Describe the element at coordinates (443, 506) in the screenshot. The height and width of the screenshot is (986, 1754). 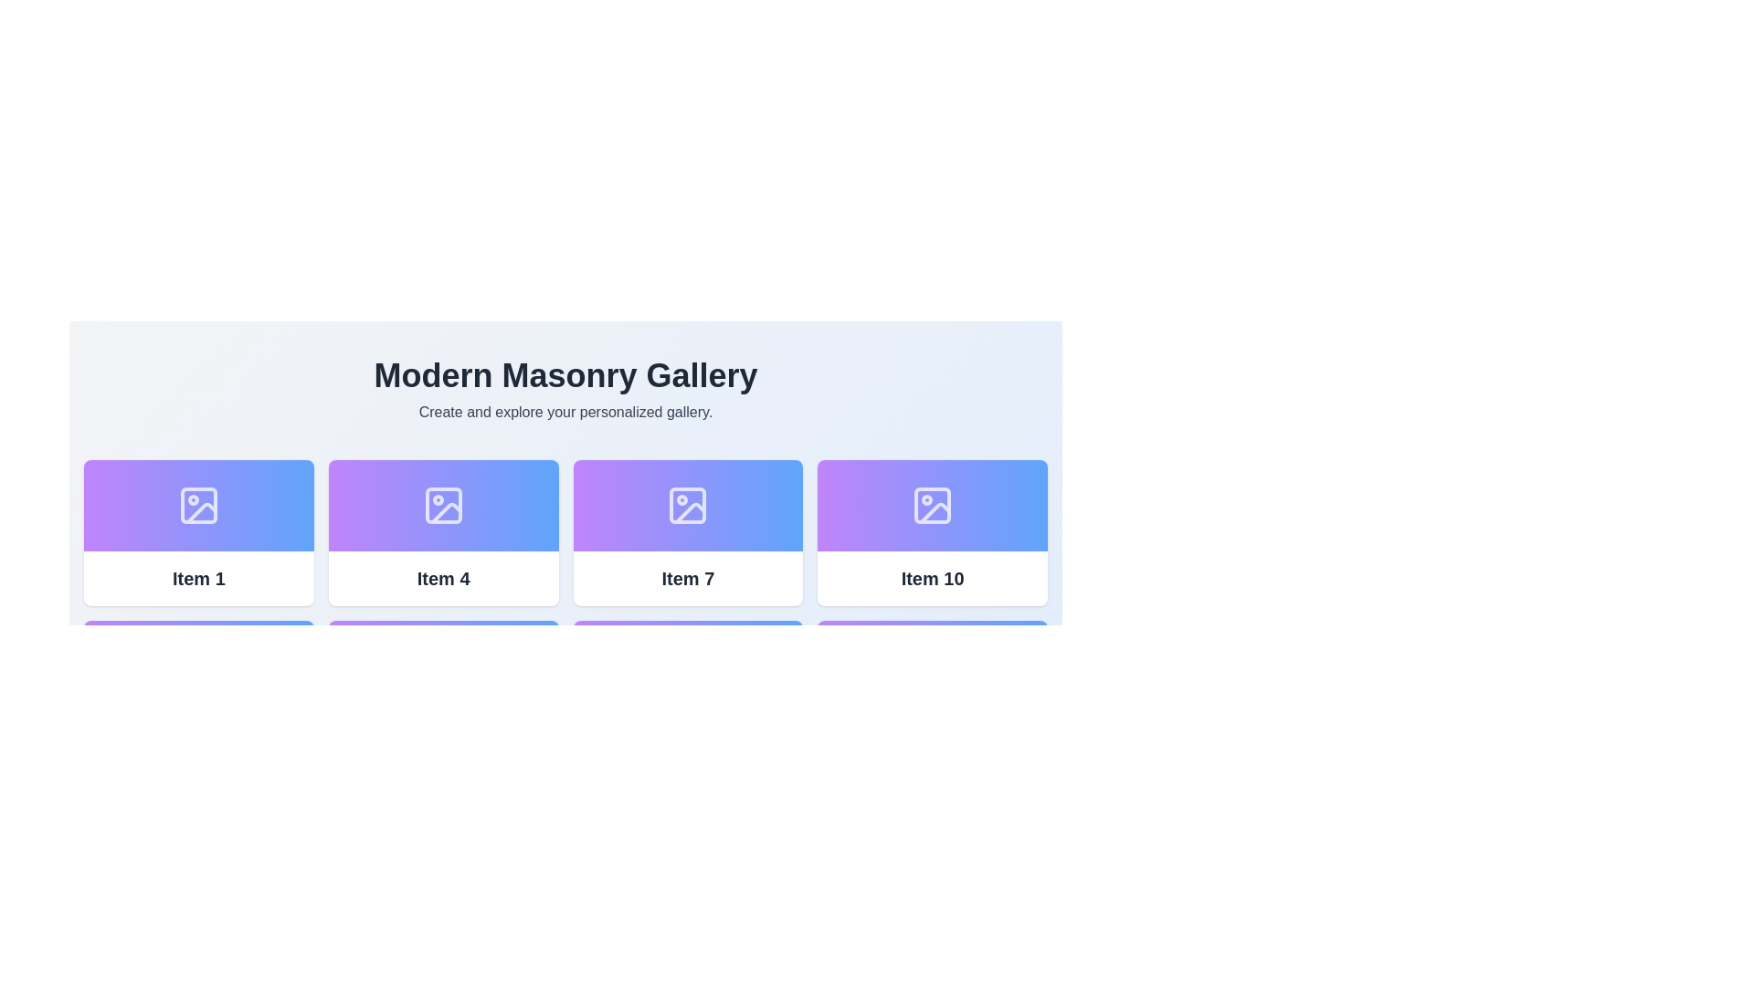
I see `the Image placeholder or card component located in the second column of a horizontally aligned group, which serves as a visual representation for an image or content item` at that location.